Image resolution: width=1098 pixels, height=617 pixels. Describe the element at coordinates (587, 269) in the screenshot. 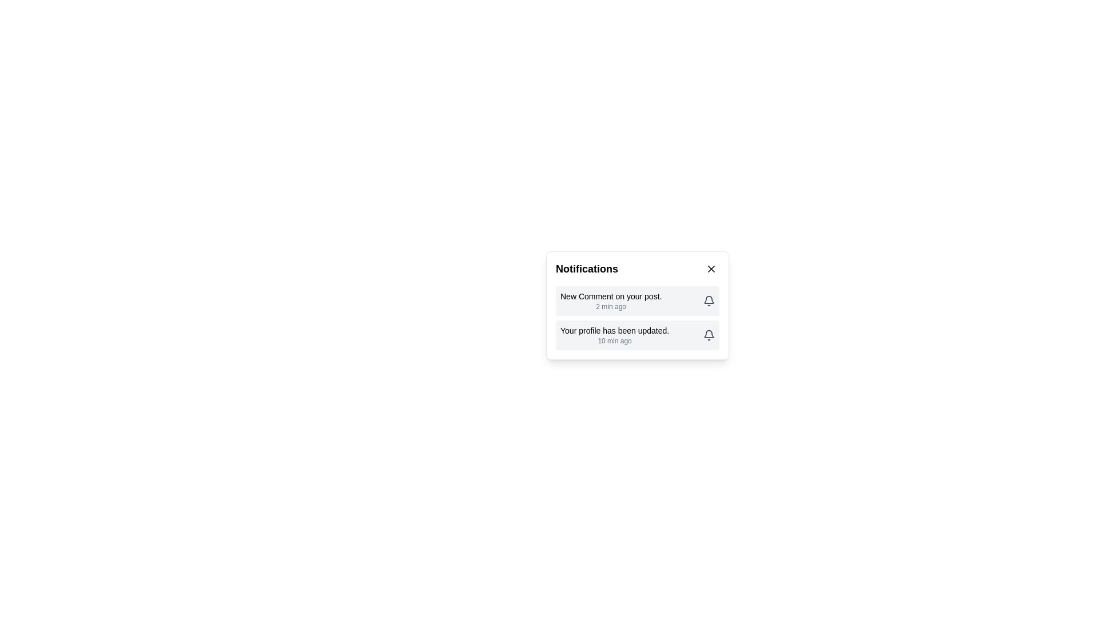

I see `the bold text label displaying 'Notifications' located at the top-left corner of the notification popup` at that location.